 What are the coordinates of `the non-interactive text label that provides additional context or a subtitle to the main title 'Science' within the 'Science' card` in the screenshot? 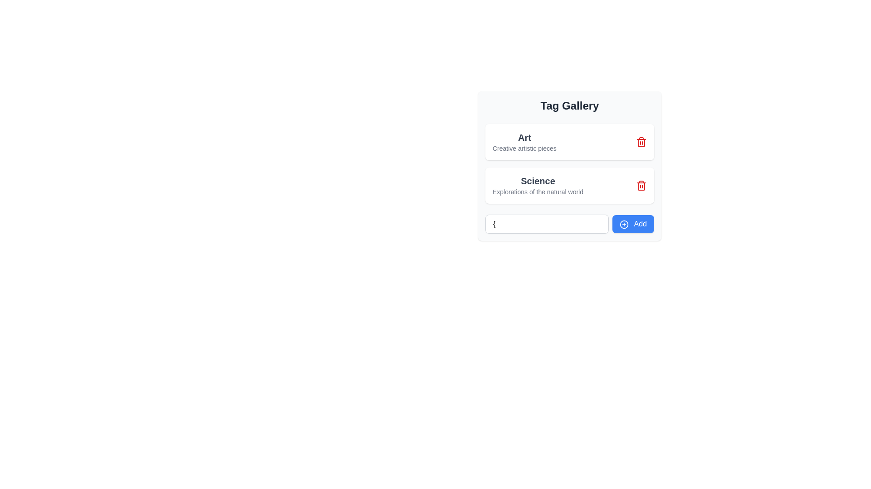 It's located at (538, 192).